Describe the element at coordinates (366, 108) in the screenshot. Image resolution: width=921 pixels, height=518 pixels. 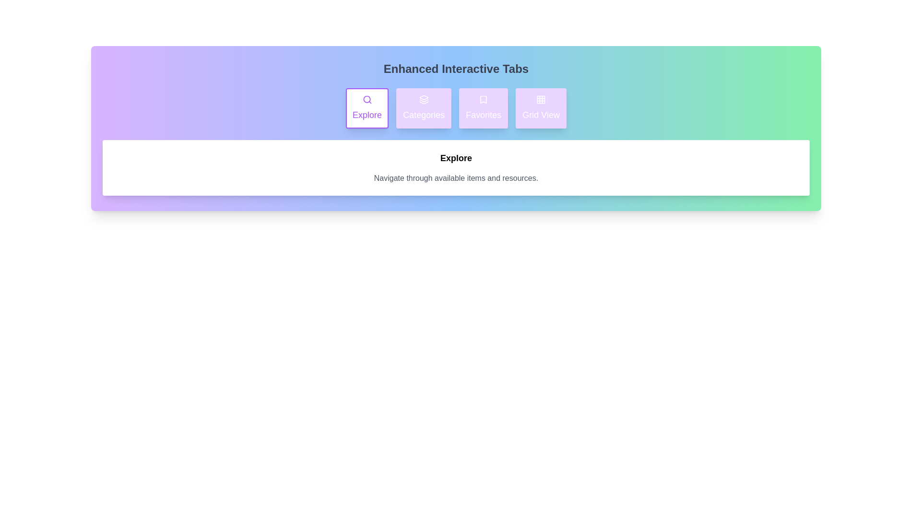
I see `the 'Explore' tab to ensure its description is displayed` at that location.